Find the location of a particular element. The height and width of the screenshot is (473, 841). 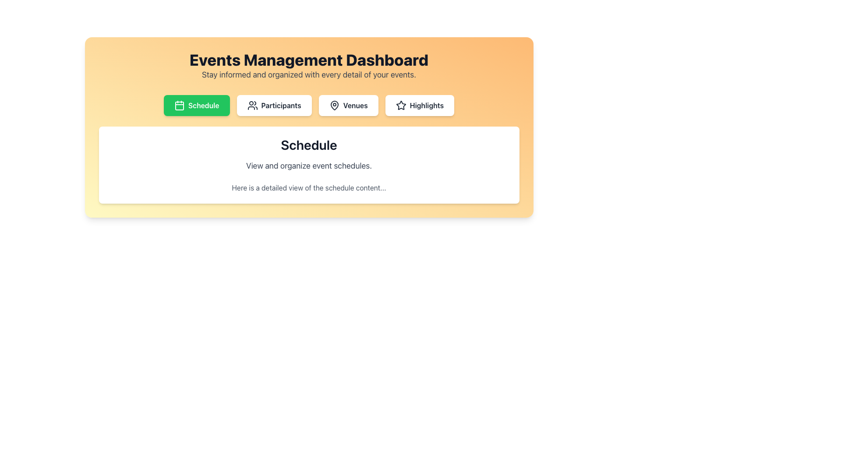

the static text element that says 'Stay informed and organized with every detail of your events.' which is positioned below the 'Events Management Dashboard' title is located at coordinates (309, 74).